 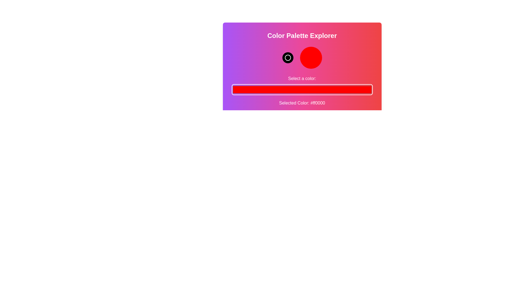 What do you see at coordinates (302, 89) in the screenshot?
I see `the color picker to a specific color value 1593628` at bounding box center [302, 89].